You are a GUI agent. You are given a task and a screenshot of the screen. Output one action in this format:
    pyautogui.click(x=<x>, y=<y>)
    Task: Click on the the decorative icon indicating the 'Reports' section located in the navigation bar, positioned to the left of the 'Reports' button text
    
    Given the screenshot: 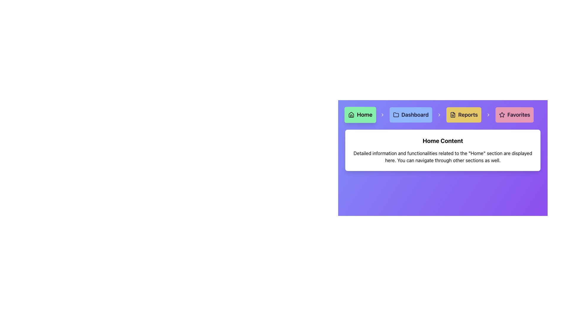 What is the action you would take?
    pyautogui.click(x=453, y=115)
    